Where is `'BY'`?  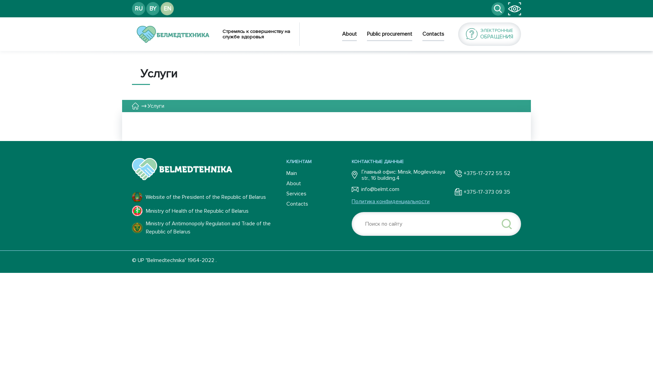 'BY' is located at coordinates (152, 8).